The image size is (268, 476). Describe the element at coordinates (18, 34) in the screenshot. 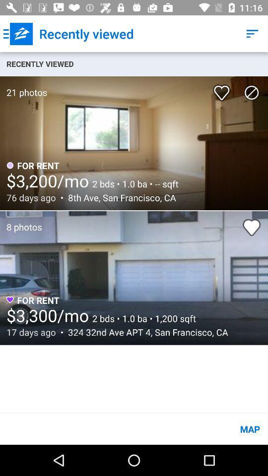

I see `the icon to the left of the recently viewed app` at that location.